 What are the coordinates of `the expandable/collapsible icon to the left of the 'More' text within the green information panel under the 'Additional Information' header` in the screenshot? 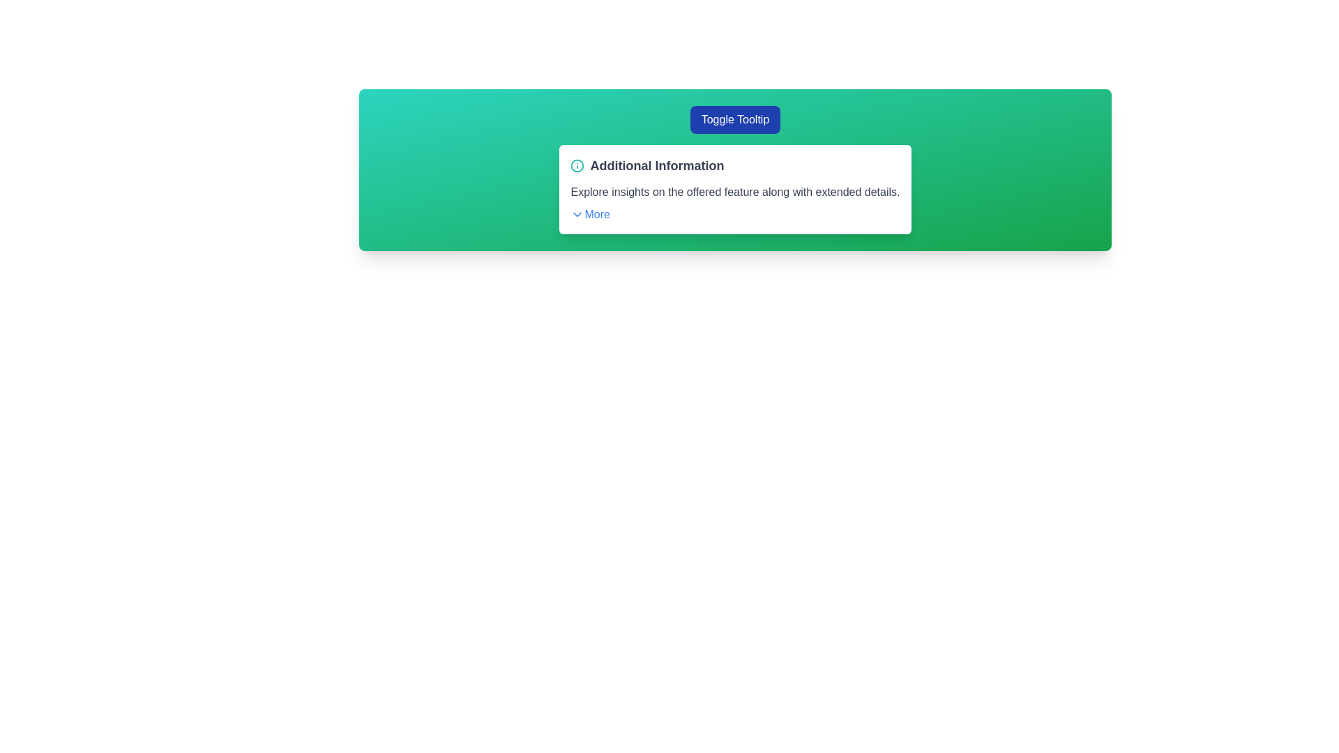 It's located at (577, 215).